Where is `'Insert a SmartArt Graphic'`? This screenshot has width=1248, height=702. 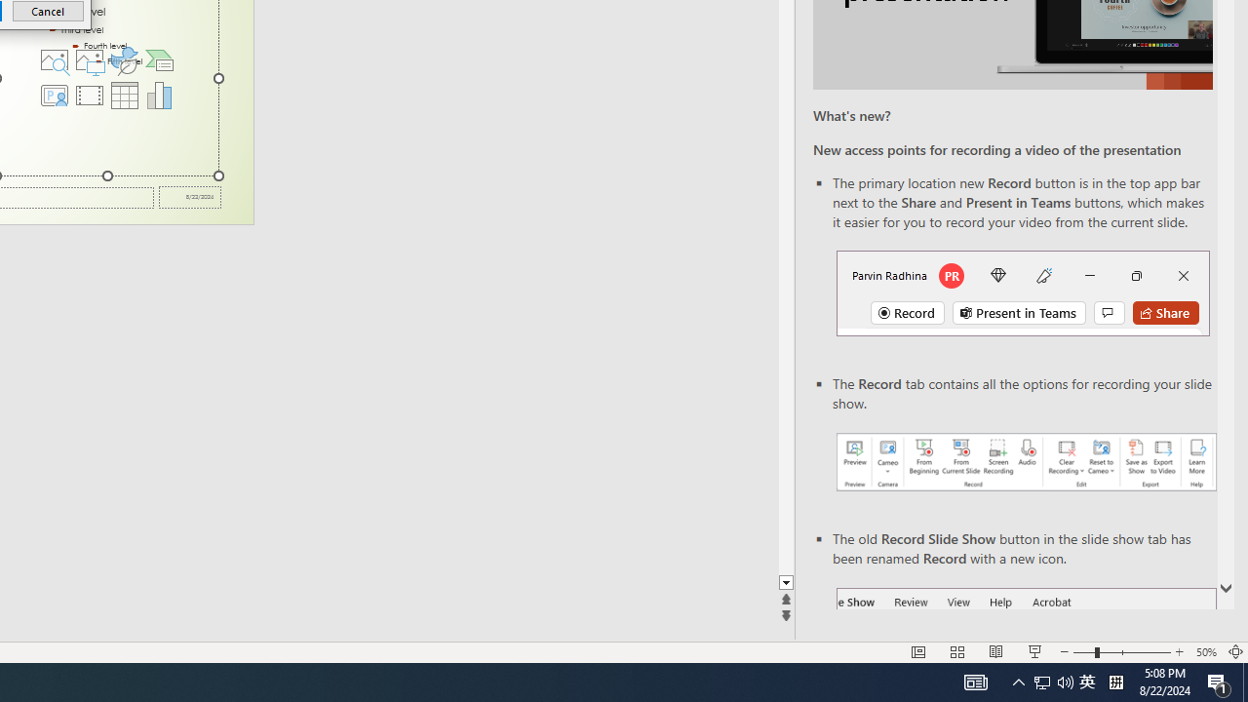
'Insert a SmartArt Graphic' is located at coordinates (160, 58).